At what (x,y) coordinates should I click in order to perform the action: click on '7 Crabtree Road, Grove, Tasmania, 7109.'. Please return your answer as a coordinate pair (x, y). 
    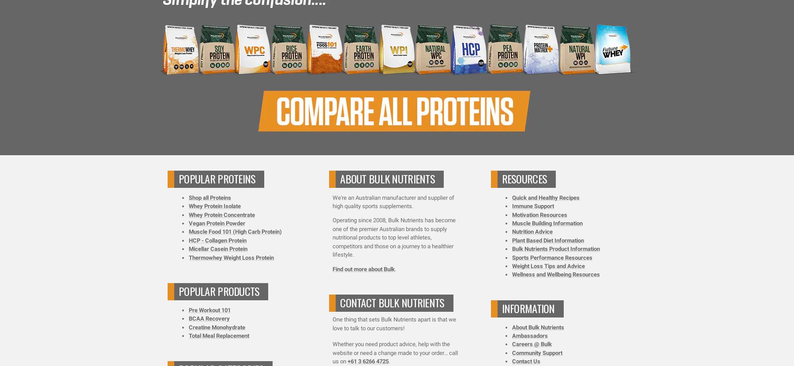
    Looking at the image, I should click on (397, 105).